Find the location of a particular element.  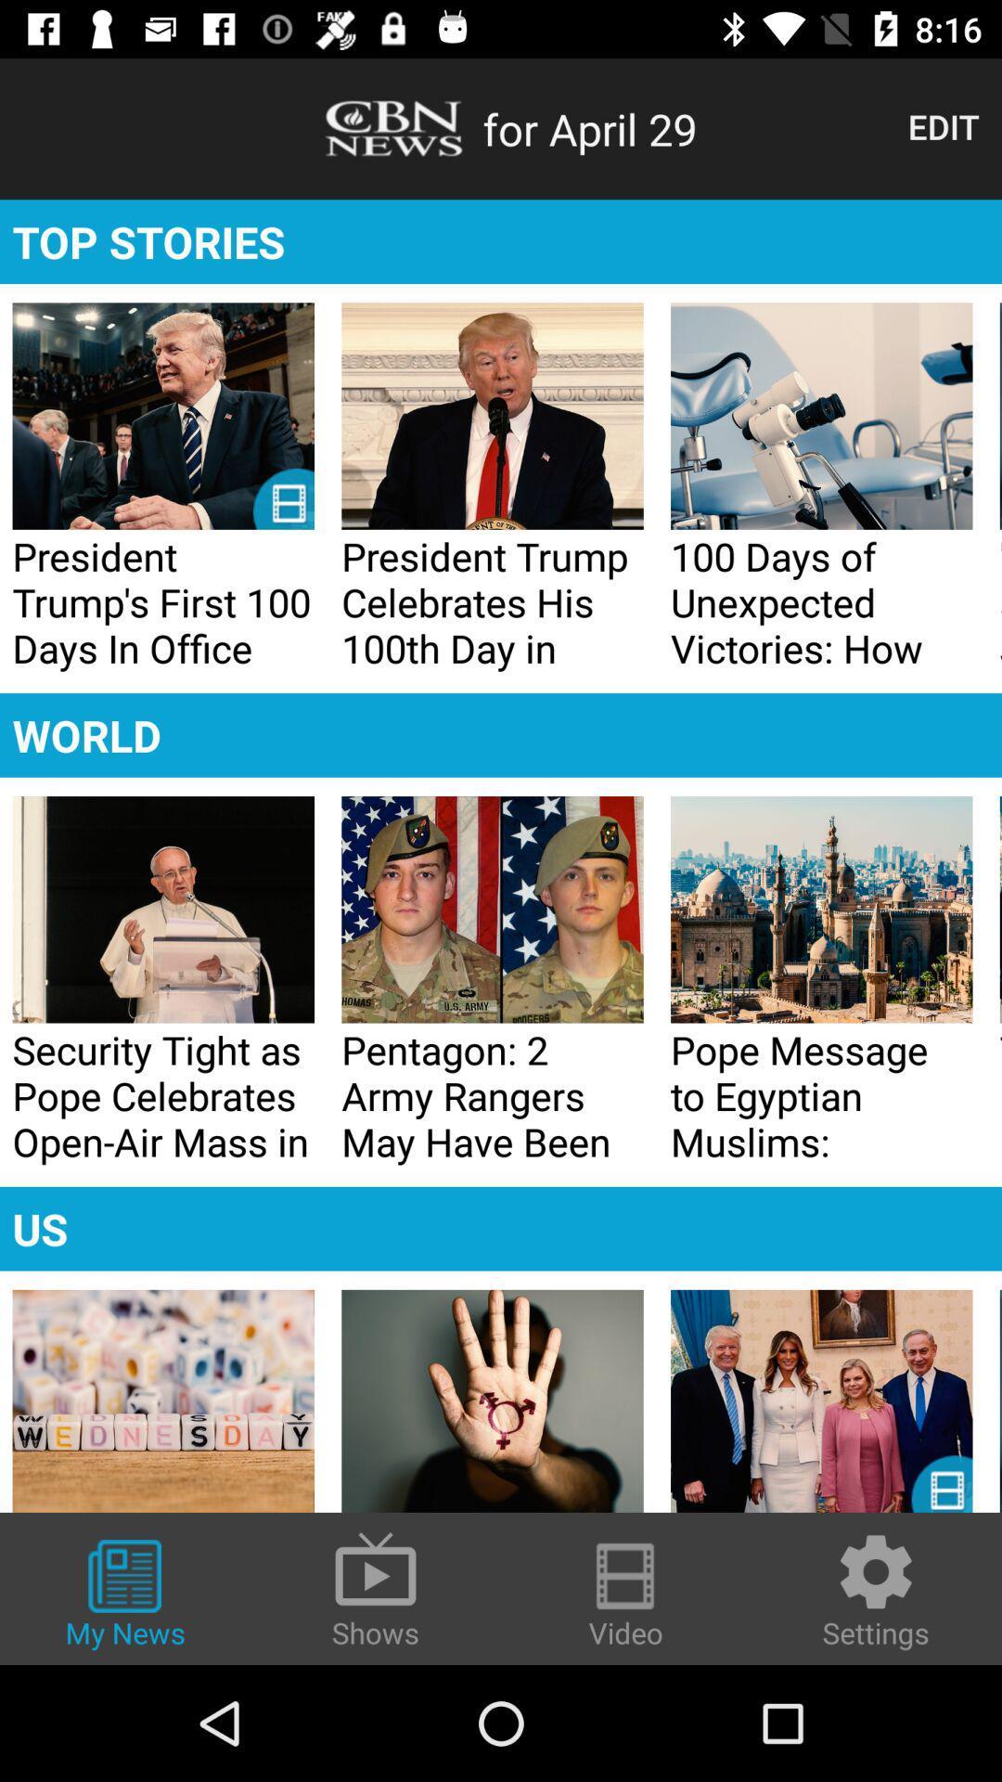

the icon below the edit item is located at coordinates (501, 240).